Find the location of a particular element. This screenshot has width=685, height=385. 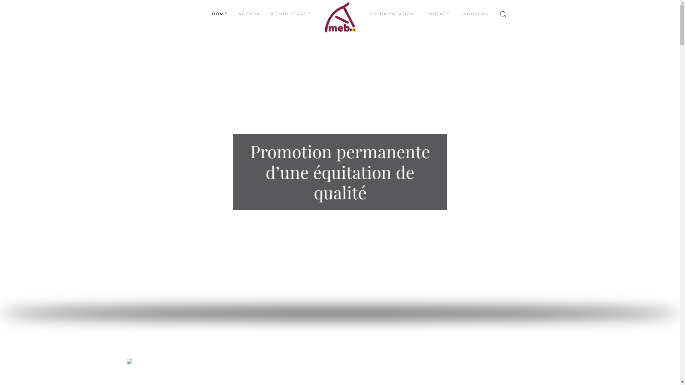

'HOME' is located at coordinates (219, 14).